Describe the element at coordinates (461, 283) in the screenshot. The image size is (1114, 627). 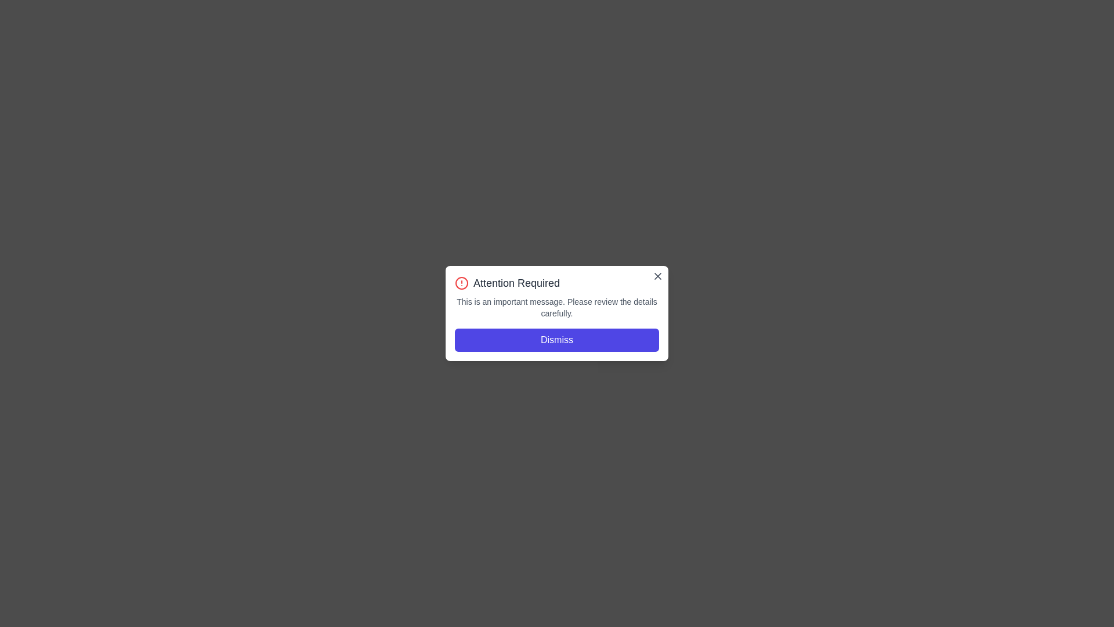
I see `the circular icon with a red border and a vertical line inside, located to the left of the 'Attention Required' text` at that location.